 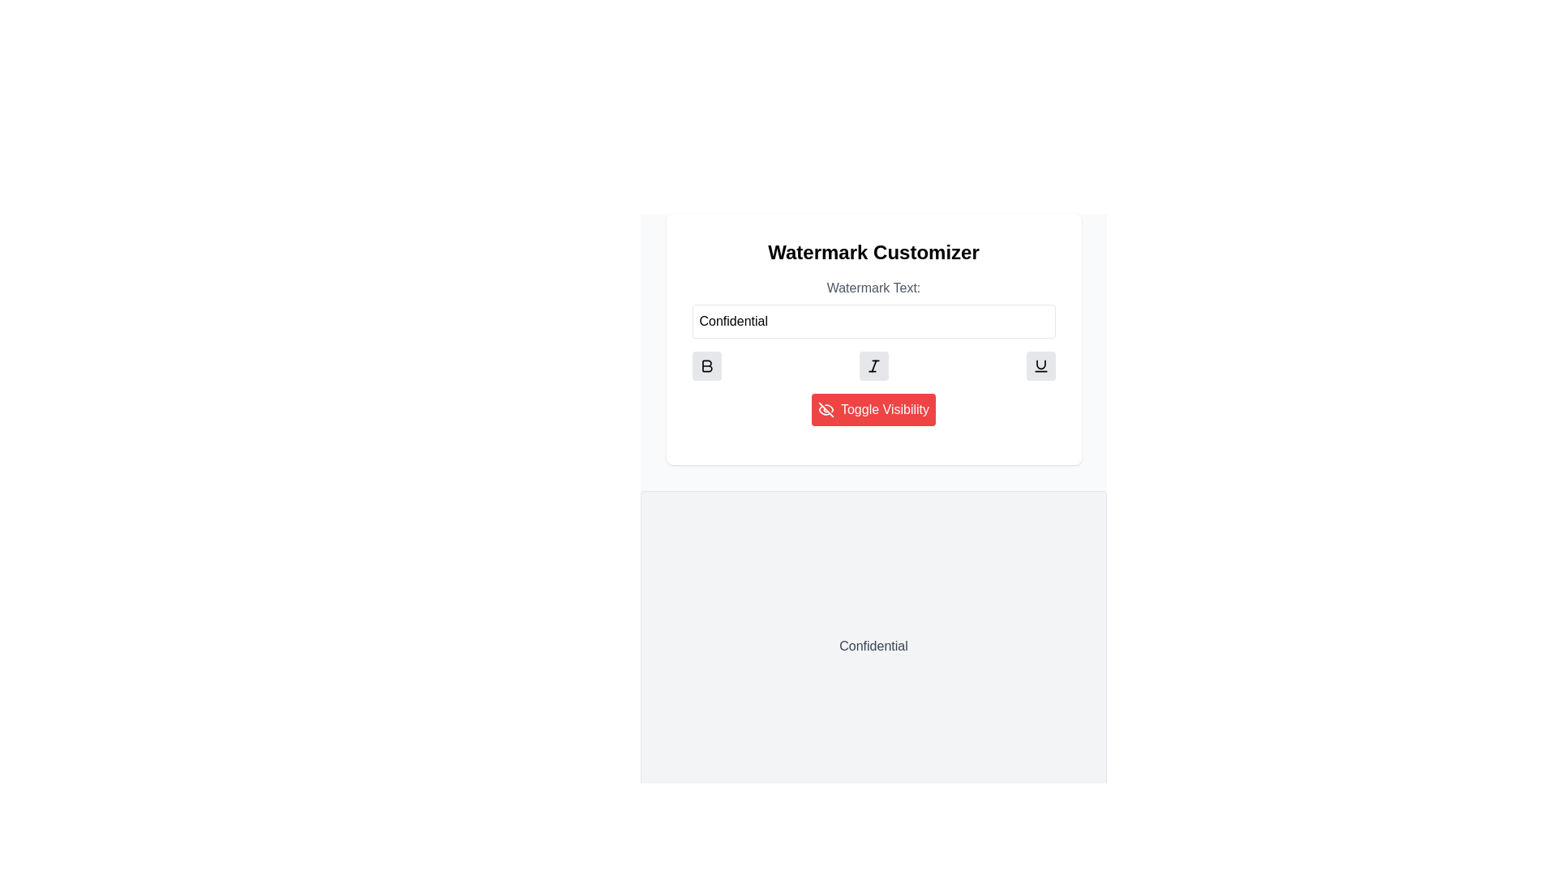 What do you see at coordinates (873, 287) in the screenshot?
I see `the static text label indicating the watermark-related text input field in the 'Watermark Customizer' section` at bounding box center [873, 287].